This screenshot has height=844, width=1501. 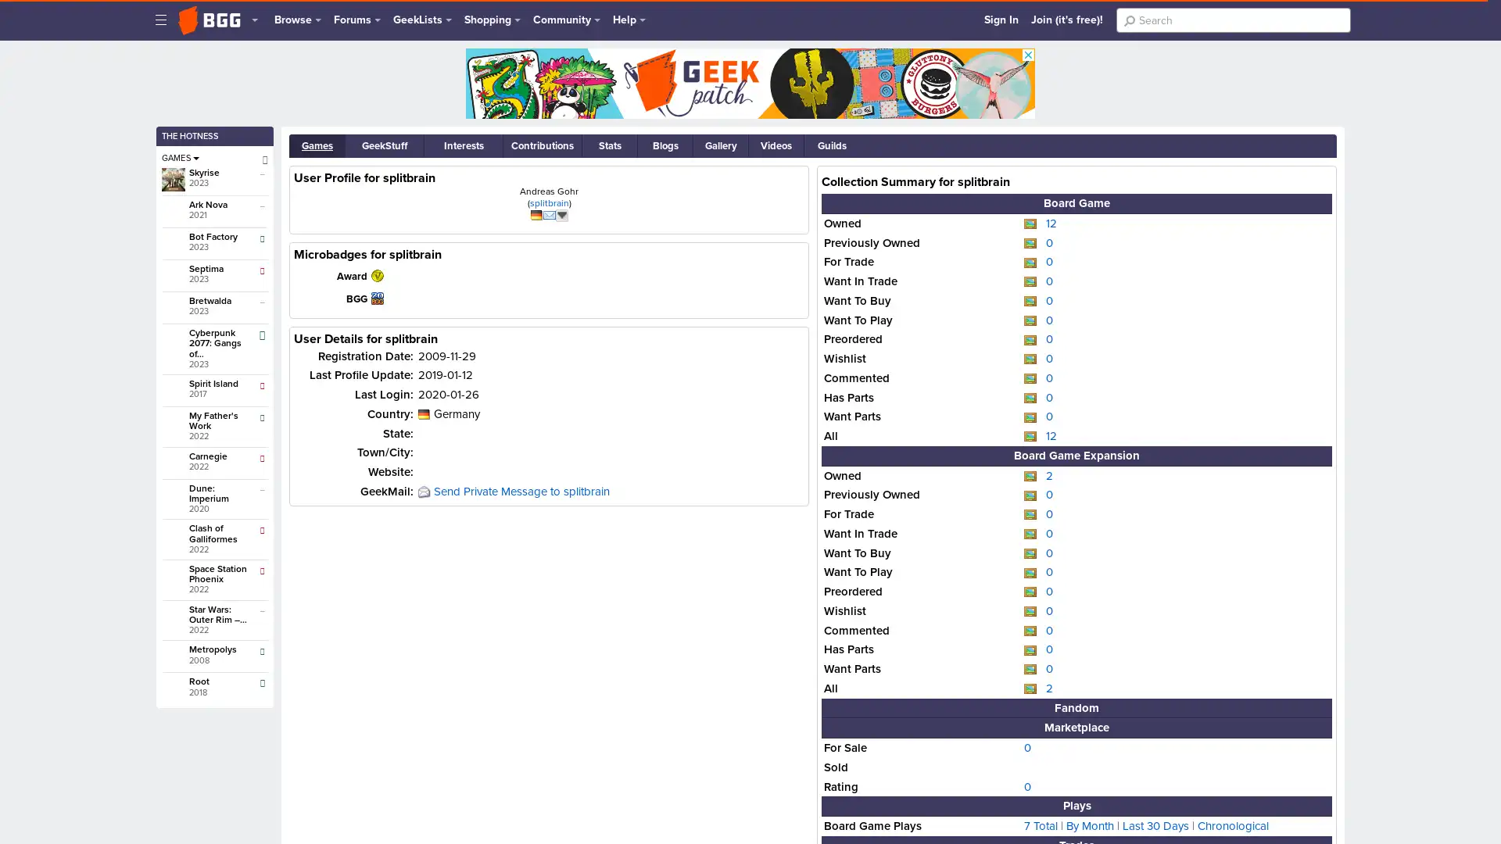 What do you see at coordinates (1001, 20) in the screenshot?
I see `Sign In` at bounding box center [1001, 20].